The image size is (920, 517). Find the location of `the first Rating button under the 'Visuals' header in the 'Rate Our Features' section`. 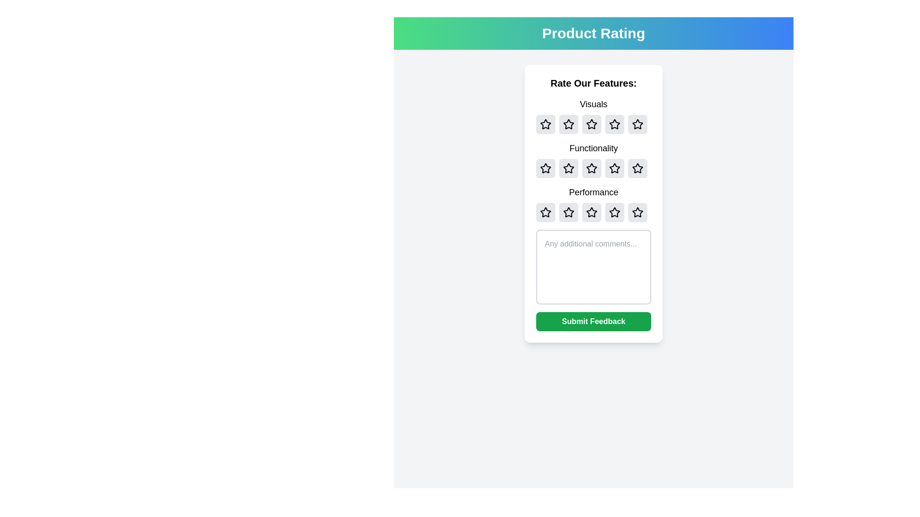

the first Rating button under the 'Visuals' header in the 'Rate Our Features' section is located at coordinates (545, 124).